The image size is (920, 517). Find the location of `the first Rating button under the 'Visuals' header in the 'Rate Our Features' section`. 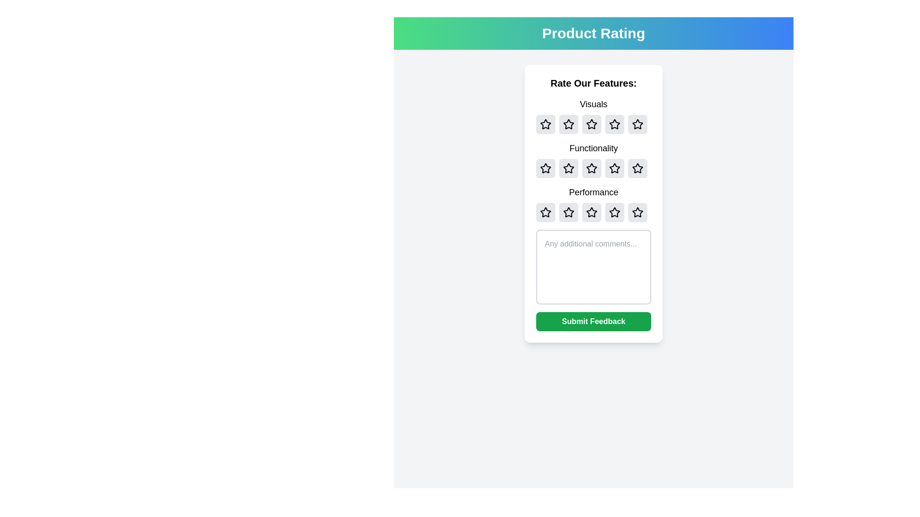

the first Rating button under the 'Visuals' header in the 'Rate Our Features' section is located at coordinates (545, 124).